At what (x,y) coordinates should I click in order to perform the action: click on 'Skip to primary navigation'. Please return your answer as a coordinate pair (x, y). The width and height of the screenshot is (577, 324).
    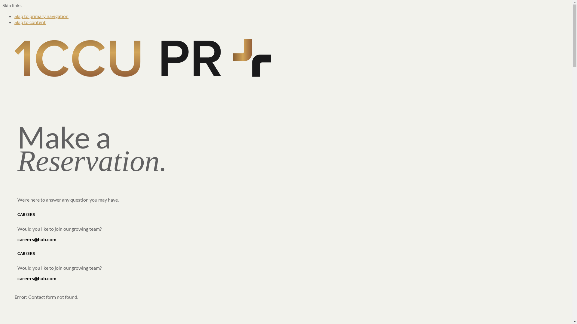
    Looking at the image, I should click on (41, 16).